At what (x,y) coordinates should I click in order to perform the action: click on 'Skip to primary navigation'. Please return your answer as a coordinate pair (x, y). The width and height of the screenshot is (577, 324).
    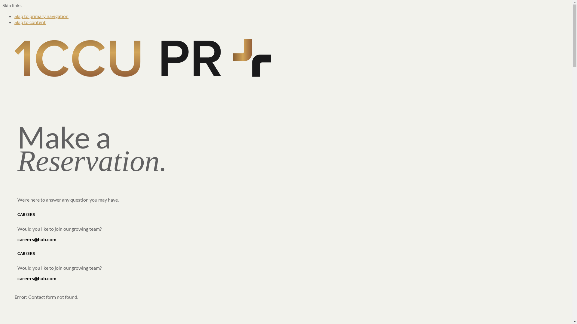
    Looking at the image, I should click on (41, 16).